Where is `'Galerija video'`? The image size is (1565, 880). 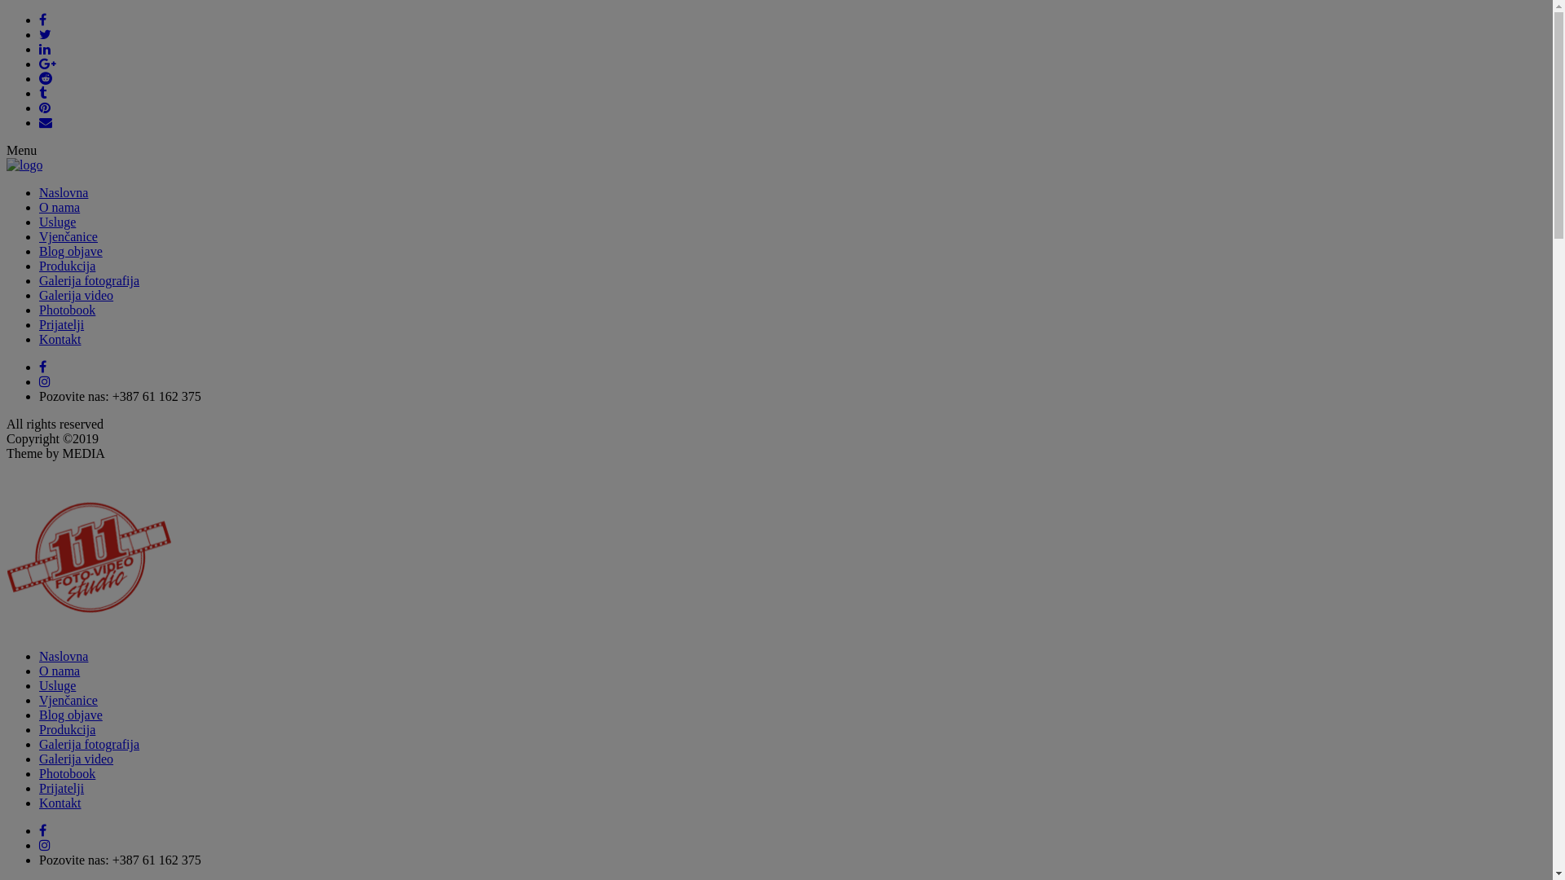
'Galerija video' is located at coordinates (75, 295).